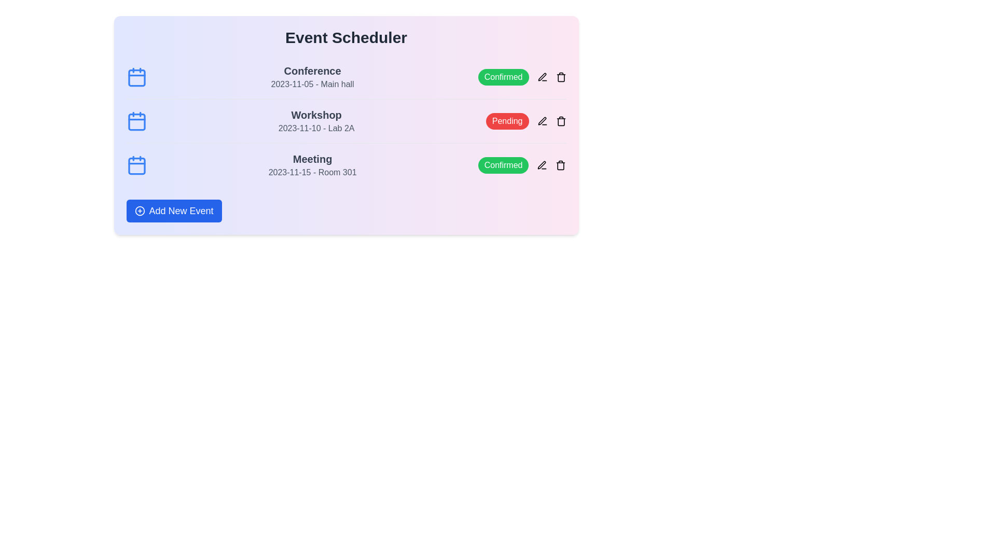 Image resolution: width=996 pixels, height=560 pixels. What do you see at coordinates (136, 77) in the screenshot?
I see `the SVG rectangle element with rounded corners inside the calendar icon representing the scheduled event for 'Conference' on 2023-11-05 located next to the text 'Conference'` at bounding box center [136, 77].